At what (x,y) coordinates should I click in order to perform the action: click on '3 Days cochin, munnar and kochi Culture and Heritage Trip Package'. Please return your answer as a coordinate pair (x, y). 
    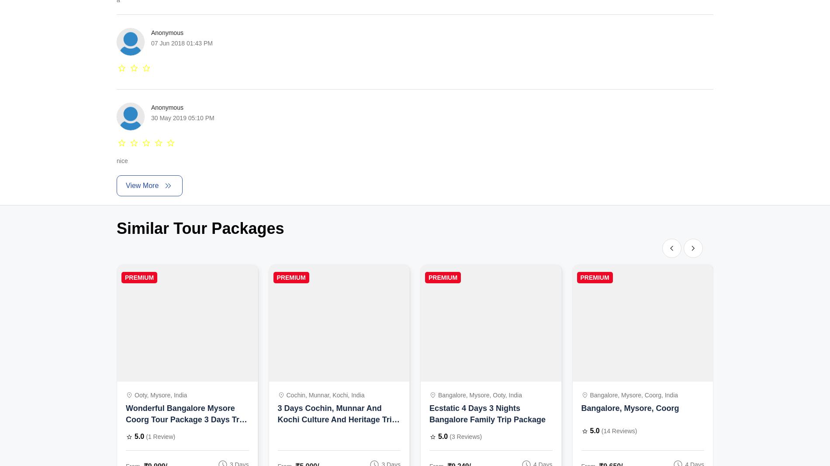
    Looking at the image, I should click on (336, 420).